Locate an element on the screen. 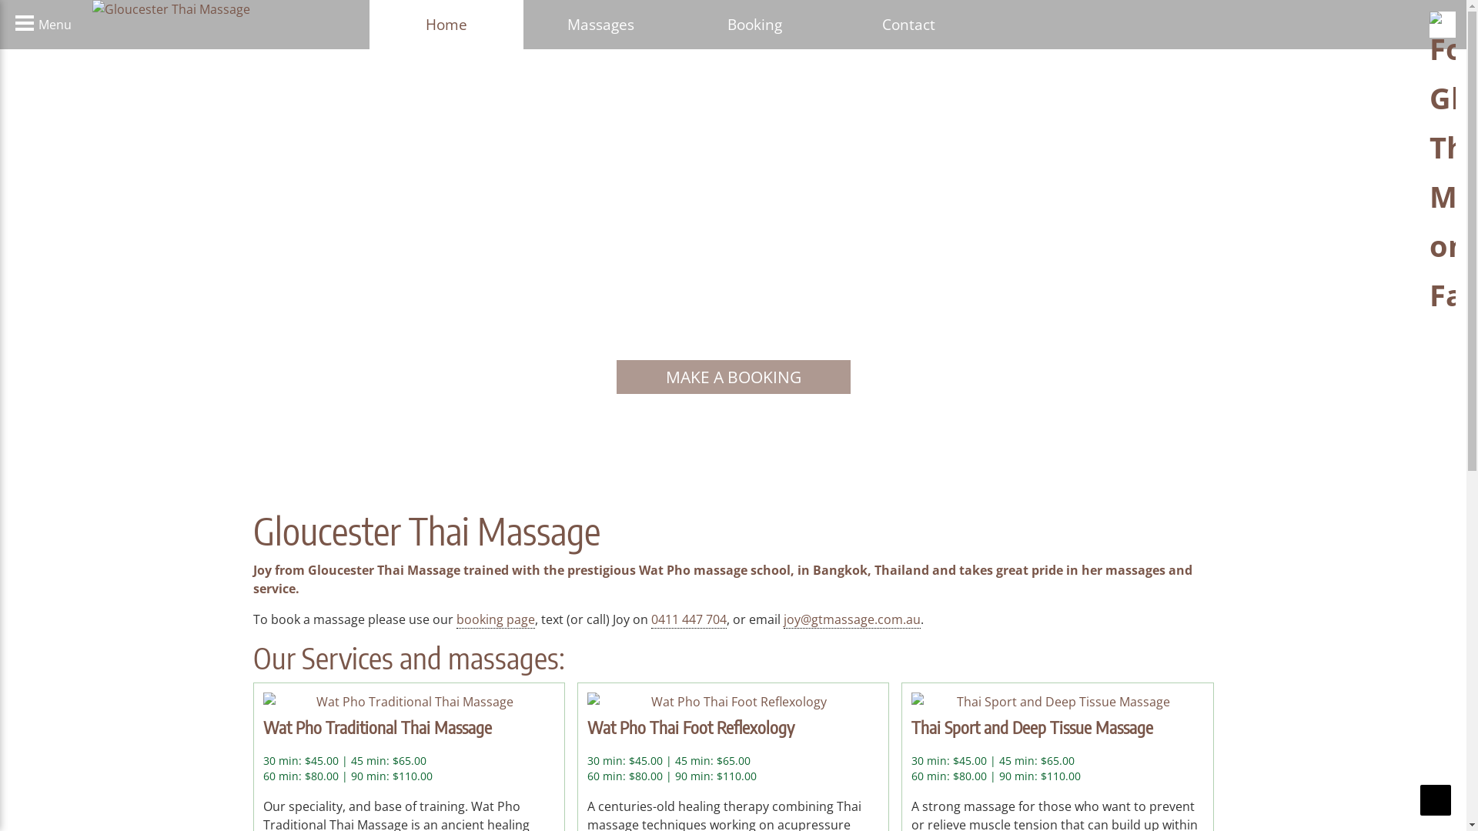 The width and height of the screenshot is (1478, 831). 'Wat Pho Traditional Thai Massage' is located at coordinates (409, 701).